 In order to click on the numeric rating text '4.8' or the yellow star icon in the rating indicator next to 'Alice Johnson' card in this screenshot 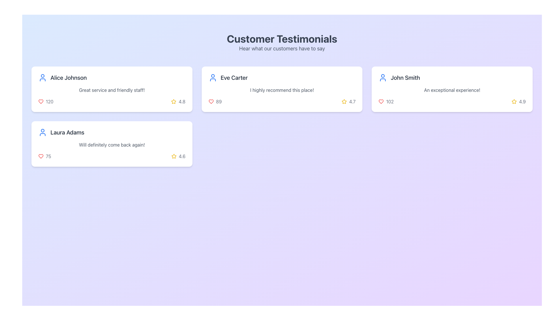, I will do `click(178, 101)`.